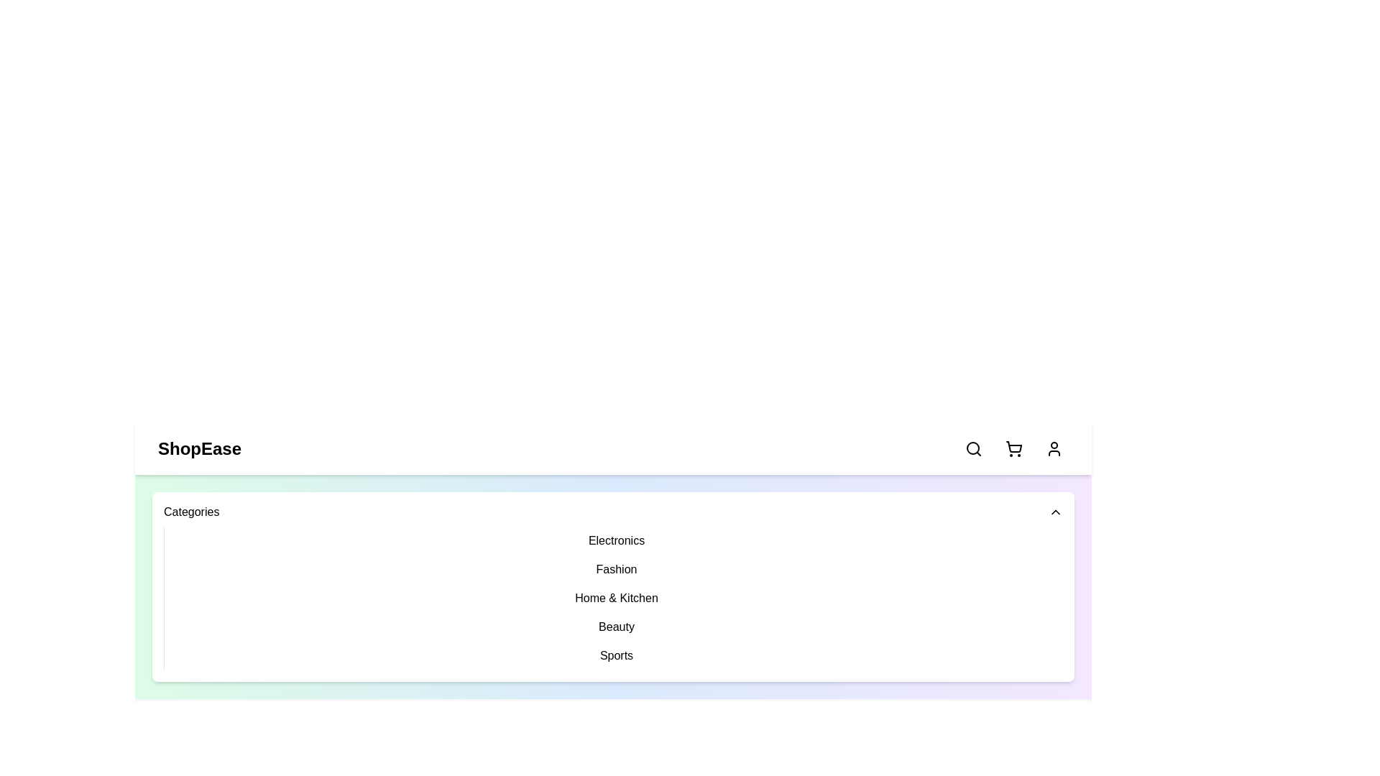 The width and height of the screenshot is (1380, 776). Describe the element at coordinates (973, 448) in the screenshot. I see `the search icon located in the header section` at that location.